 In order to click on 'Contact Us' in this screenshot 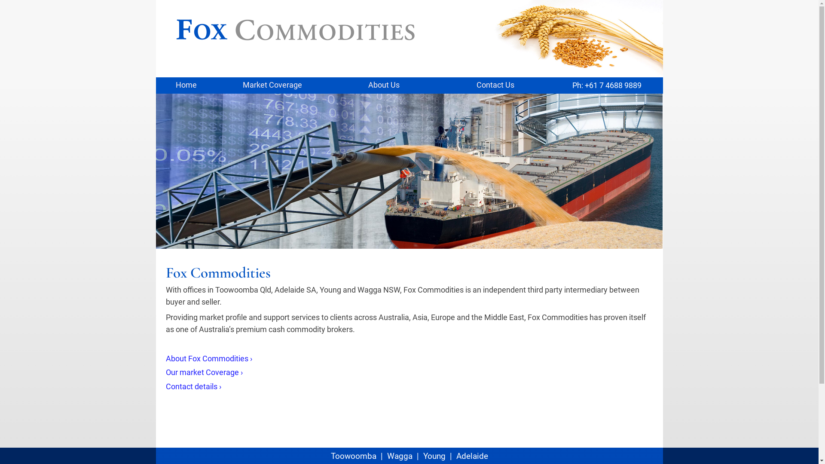, I will do `click(495, 85)`.